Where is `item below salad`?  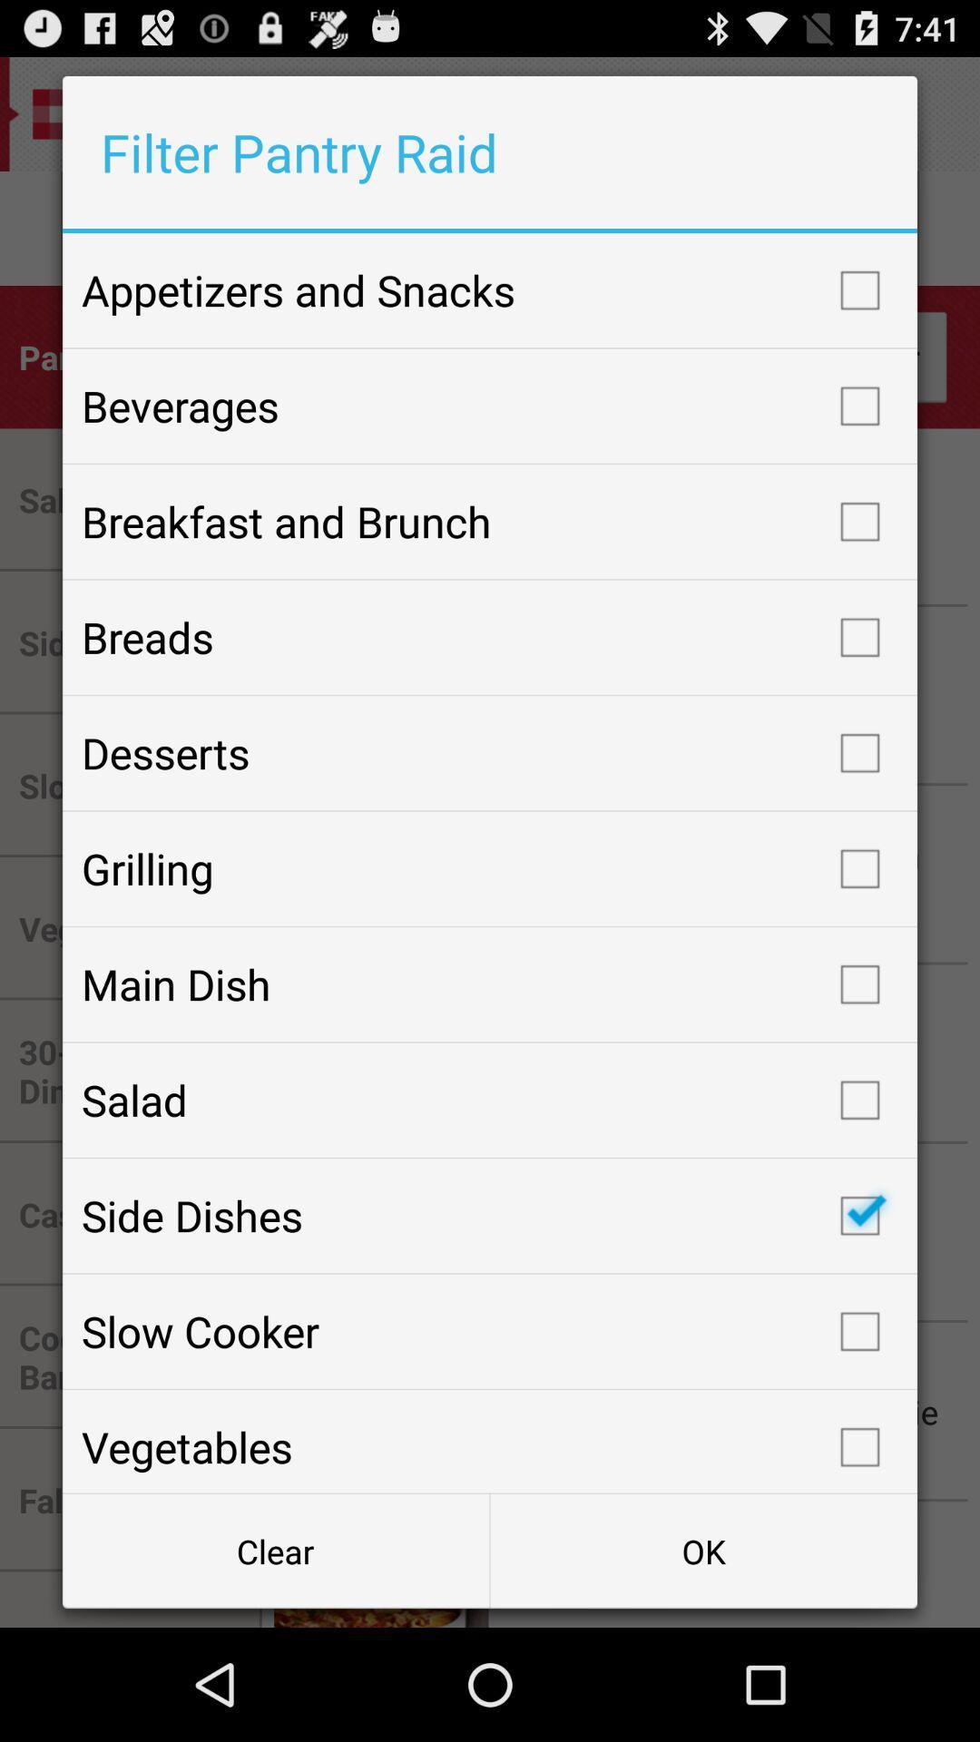 item below salad is located at coordinates (490, 1216).